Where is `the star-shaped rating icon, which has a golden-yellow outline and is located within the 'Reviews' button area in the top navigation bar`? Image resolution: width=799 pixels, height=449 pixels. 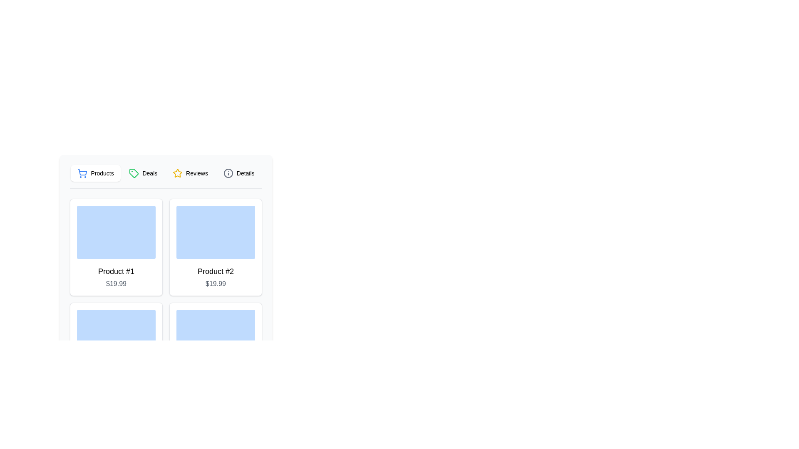 the star-shaped rating icon, which has a golden-yellow outline and is located within the 'Reviews' button area in the top navigation bar is located at coordinates (177, 173).